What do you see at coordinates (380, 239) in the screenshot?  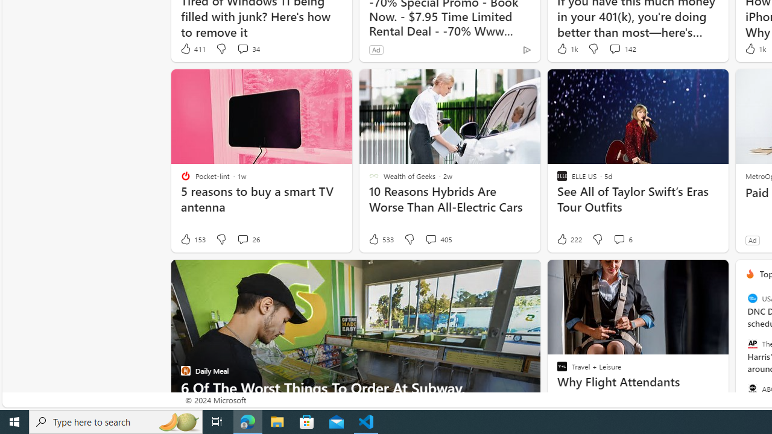 I see `'533 Like'` at bounding box center [380, 239].